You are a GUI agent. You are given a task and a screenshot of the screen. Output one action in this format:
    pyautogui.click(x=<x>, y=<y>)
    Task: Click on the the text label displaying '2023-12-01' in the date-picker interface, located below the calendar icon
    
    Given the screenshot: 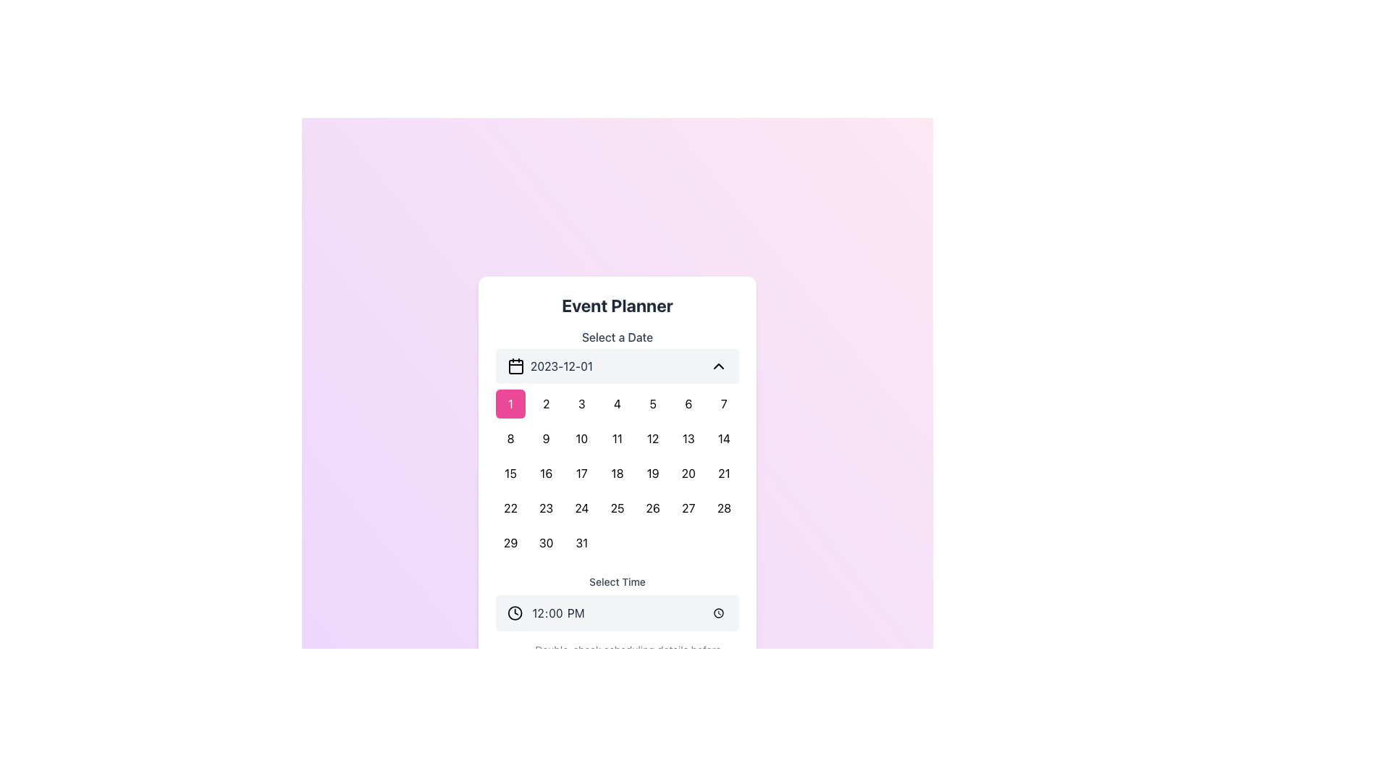 What is the action you would take?
    pyautogui.click(x=561, y=365)
    